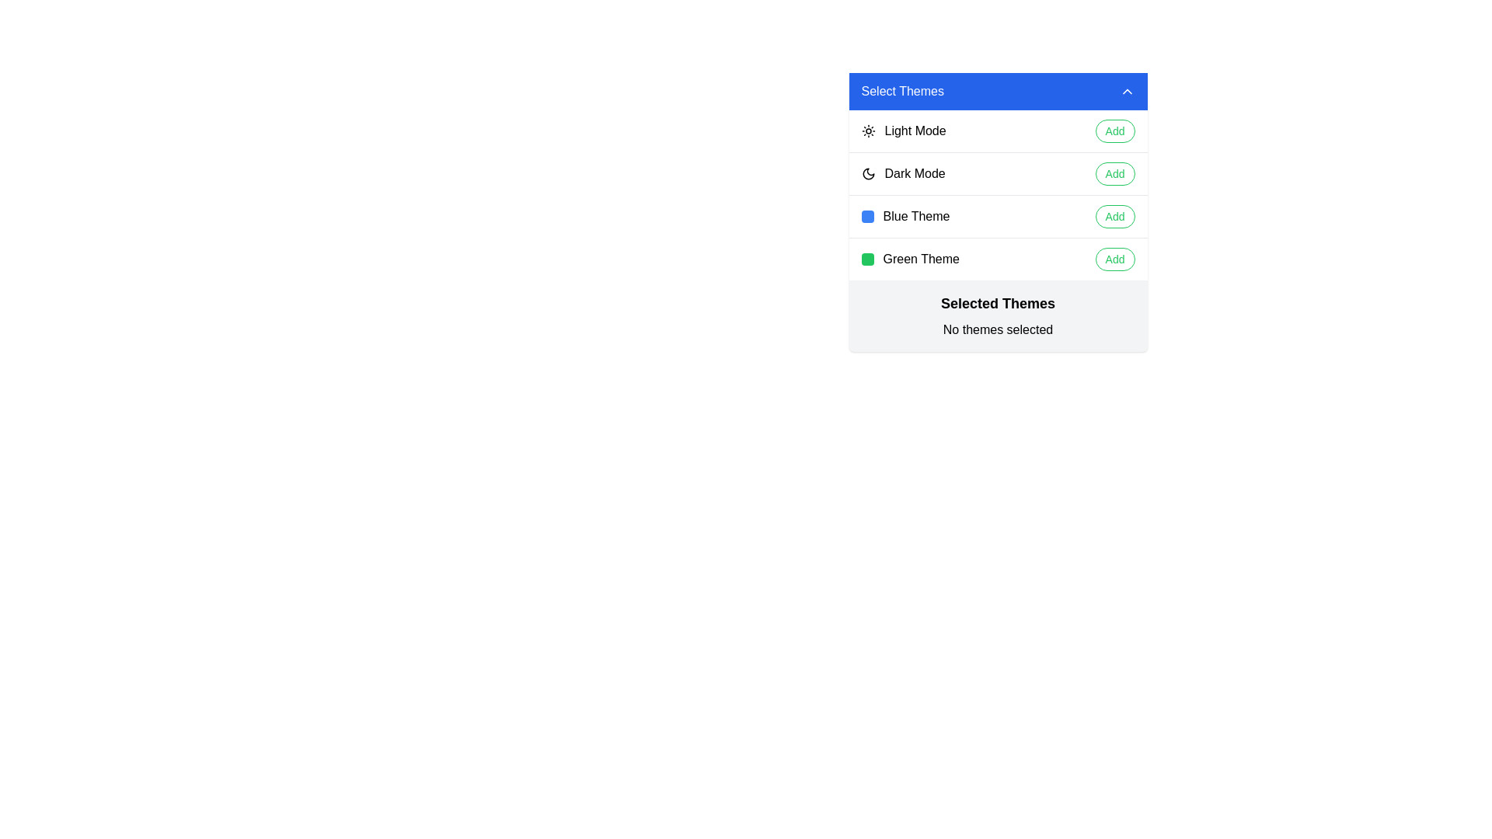 Image resolution: width=1492 pixels, height=839 pixels. I want to click on the button to add the 'Blue Theme' located in the 'Select Themes' section, which is positioned towards the right side of the row labeled 'Blue Theme', so click(1114, 216).